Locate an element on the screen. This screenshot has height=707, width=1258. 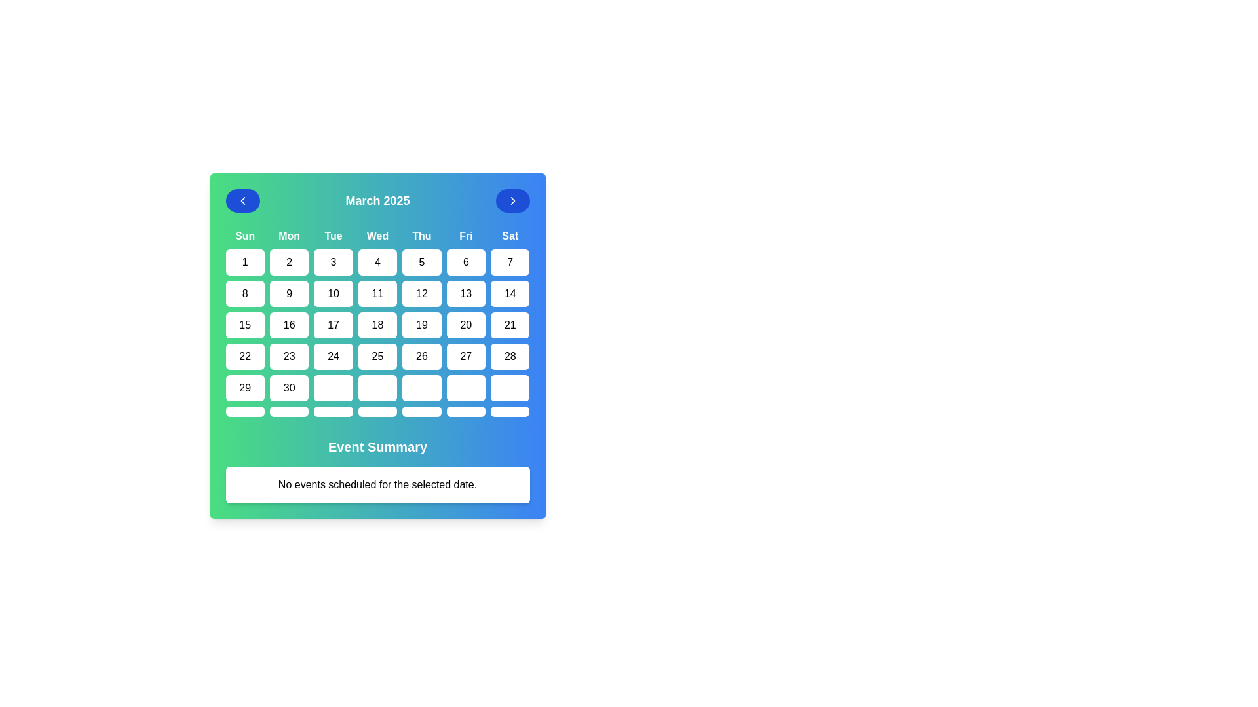
the Interactive calendar date button representing the day '11' is located at coordinates (377, 293).